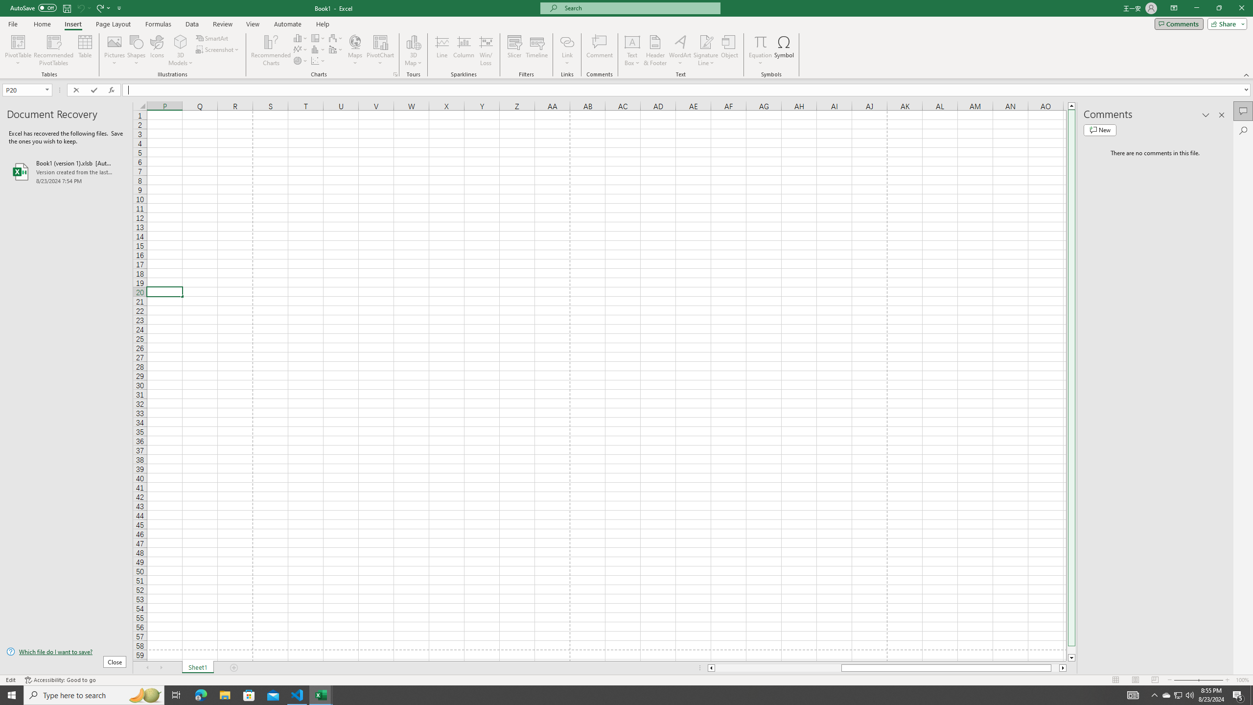  I want to click on 'Signature Line', so click(706, 50).